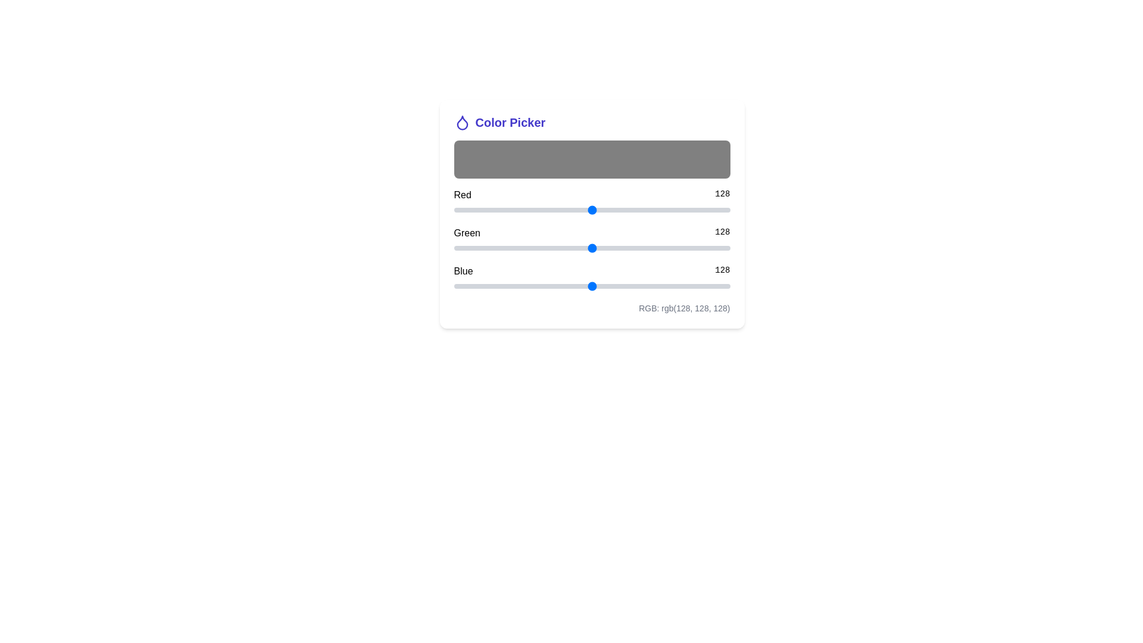 This screenshot has width=1143, height=643. What do you see at coordinates (542, 247) in the screenshot?
I see `the Green slider to set the green component to 82` at bounding box center [542, 247].